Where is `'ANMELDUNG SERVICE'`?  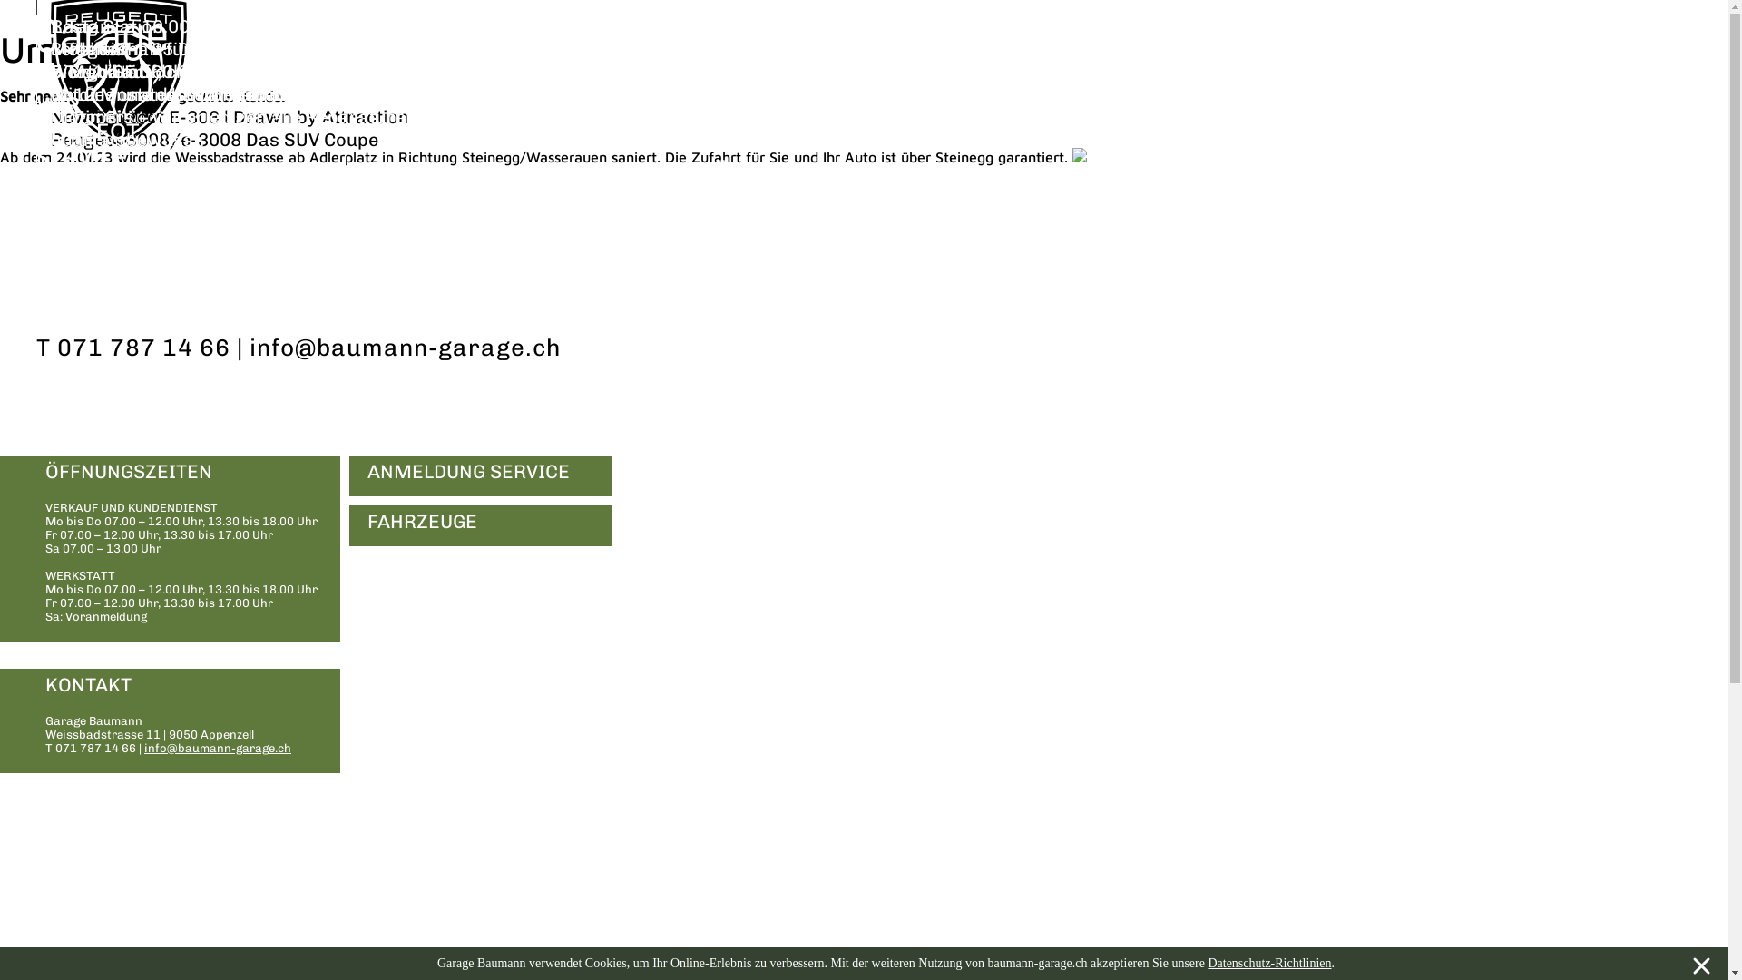 'ANMELDUNG SERVICE' is located at coordinates (480, 475).